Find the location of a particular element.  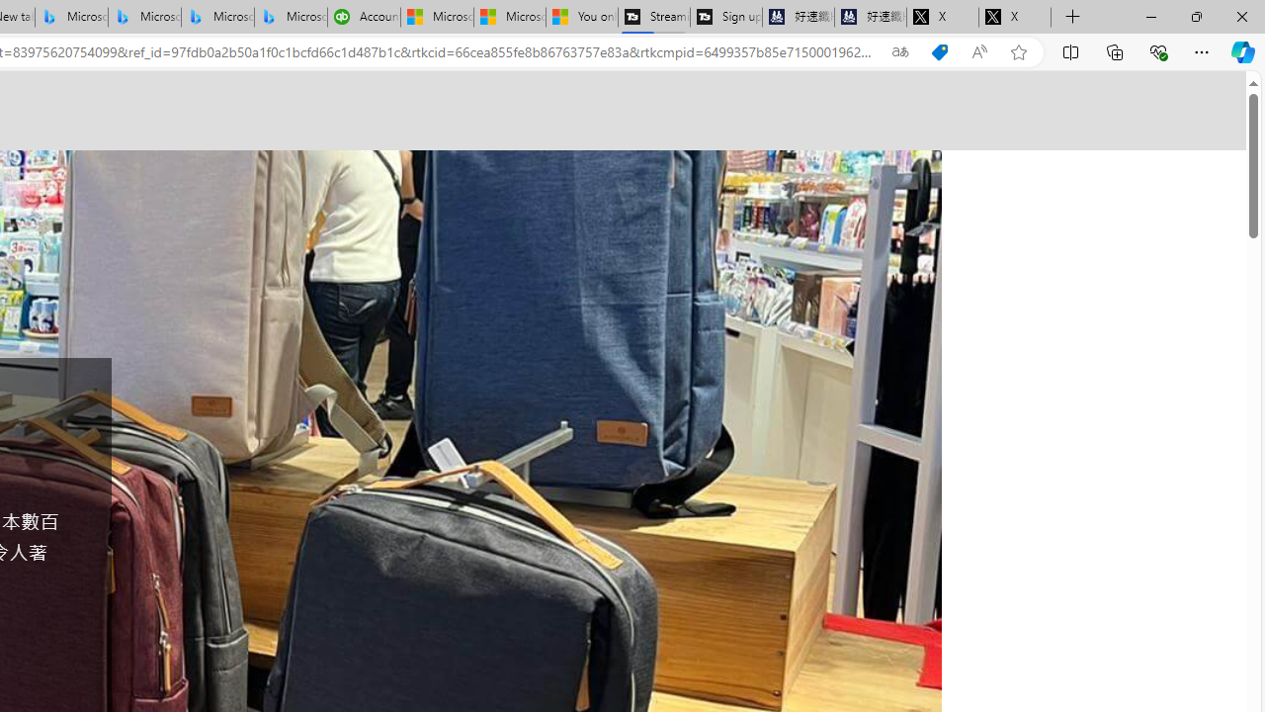

'Microsoft Bing Travel - Stays in Bangkok, Bangkok, Thailand' is located at coordinates (143, 17).